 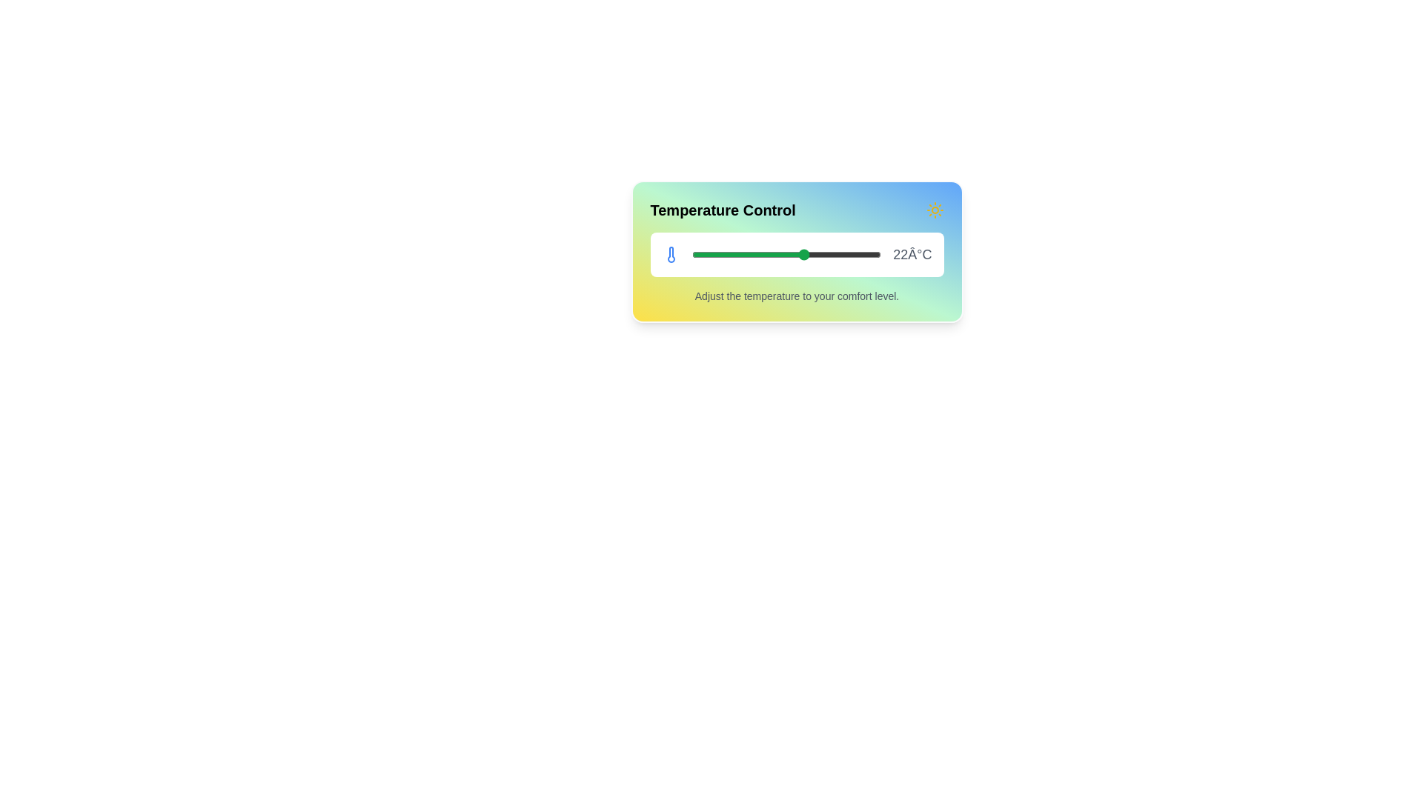 I want to click on the temperature slider knob, so click(x=796, y=253).